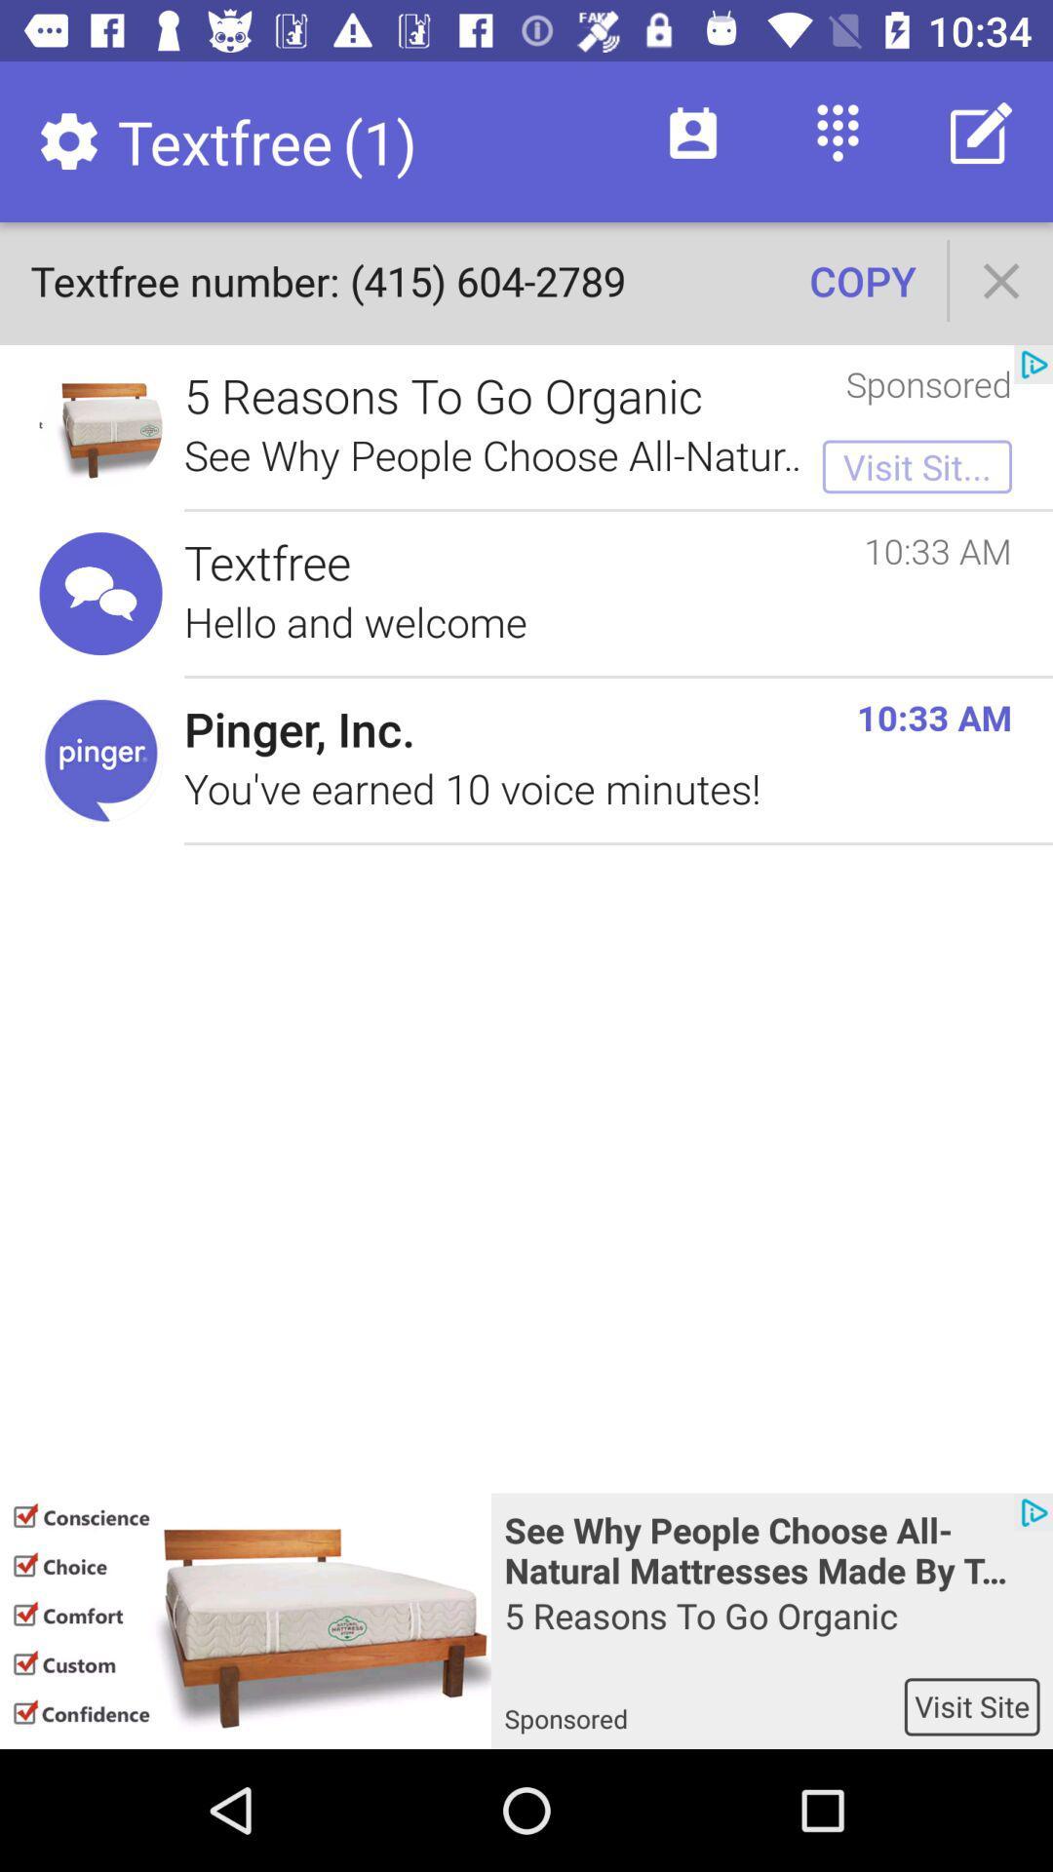 Image resolution: width=1053 pixels, height=1872 pixels. I want to click on visit site, so click(972, 1705).